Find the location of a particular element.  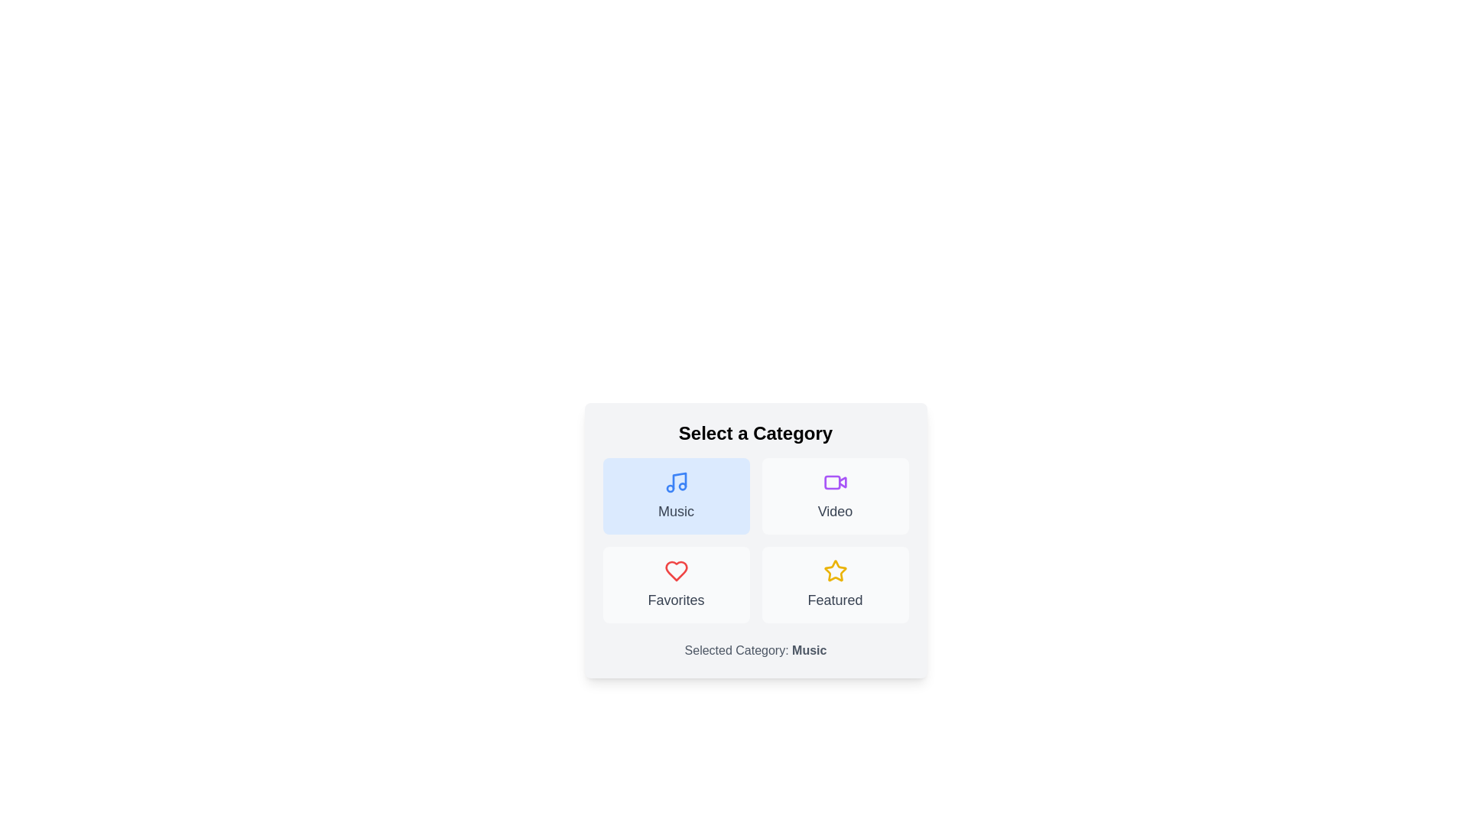

the category Music by clicking on its button is located at coordinates (675, 496).